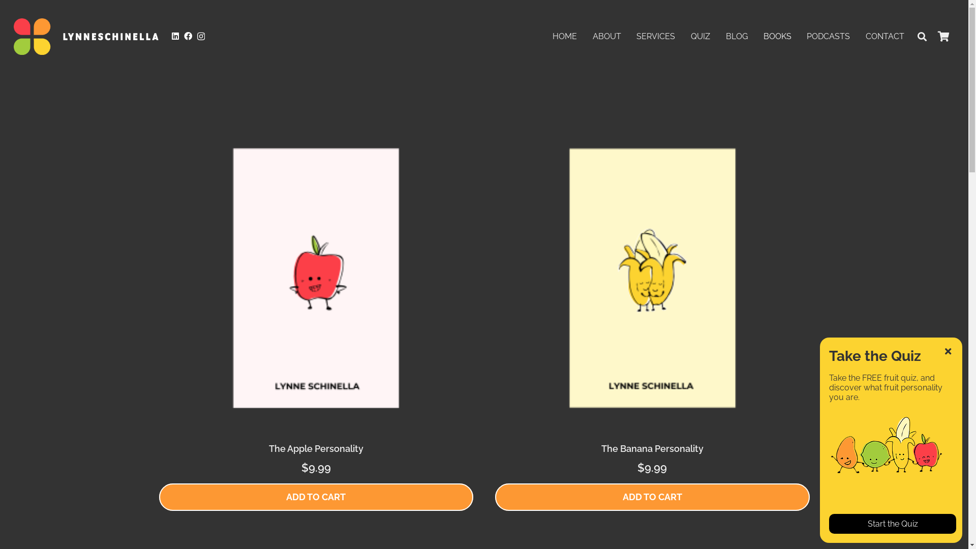  Describe the element at coordinates (755, 36) in the screenshot. I see `'BOOKS'` at that location.